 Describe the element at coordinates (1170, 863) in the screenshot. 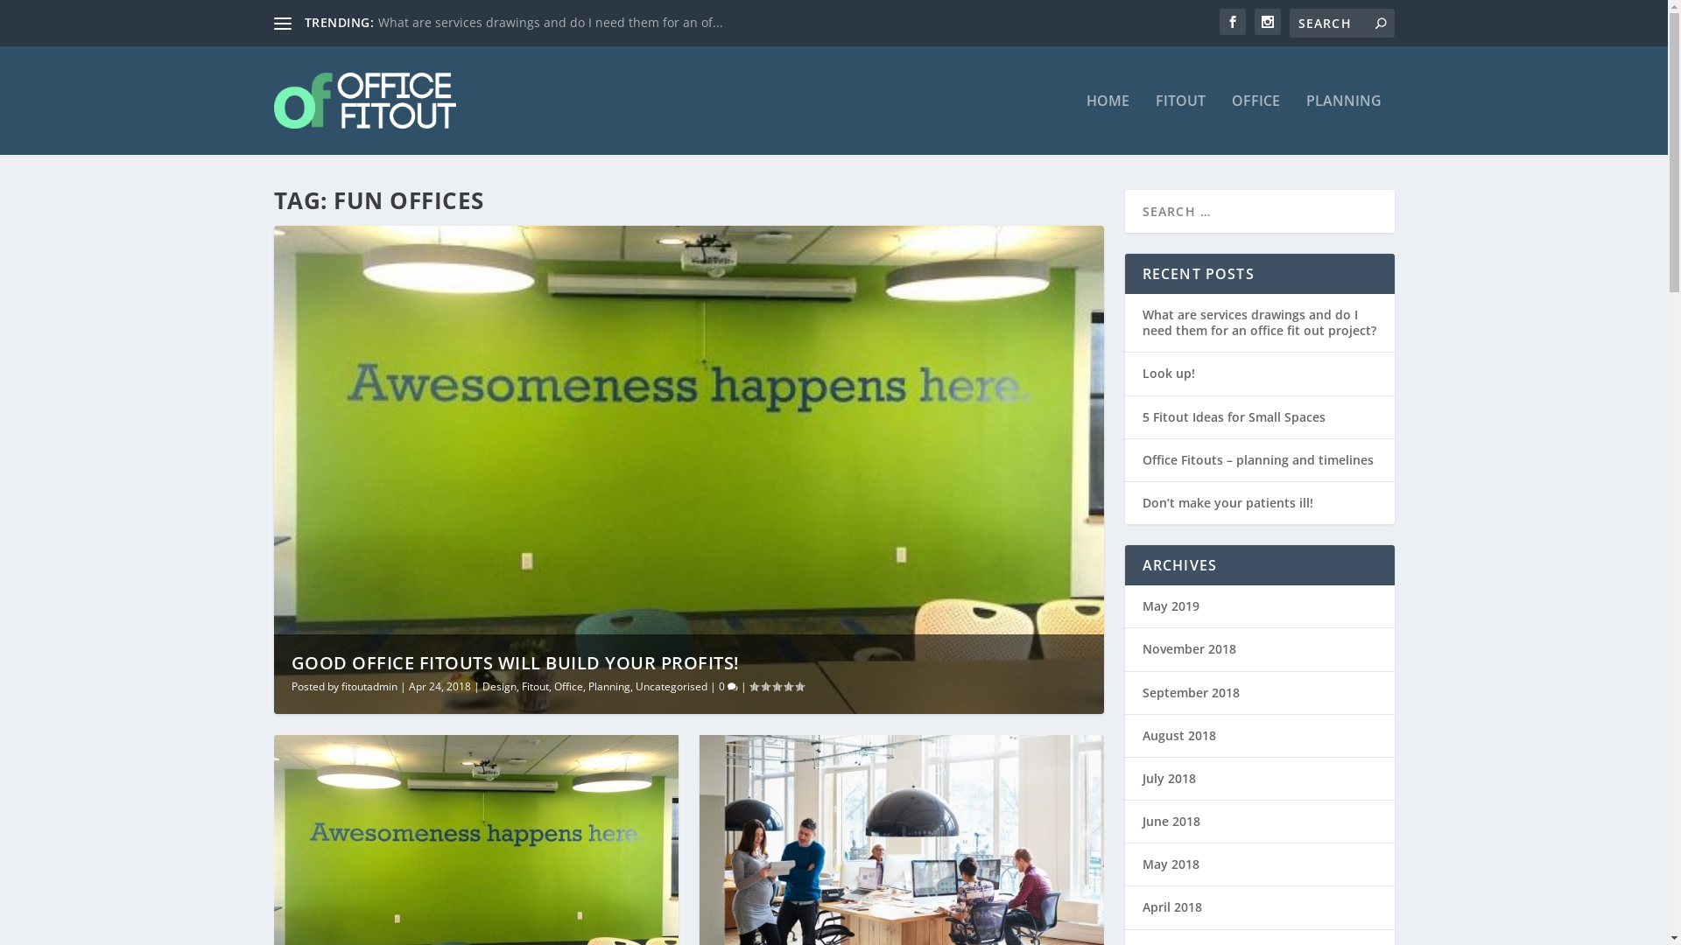

I see `'May 2018'` at that location.